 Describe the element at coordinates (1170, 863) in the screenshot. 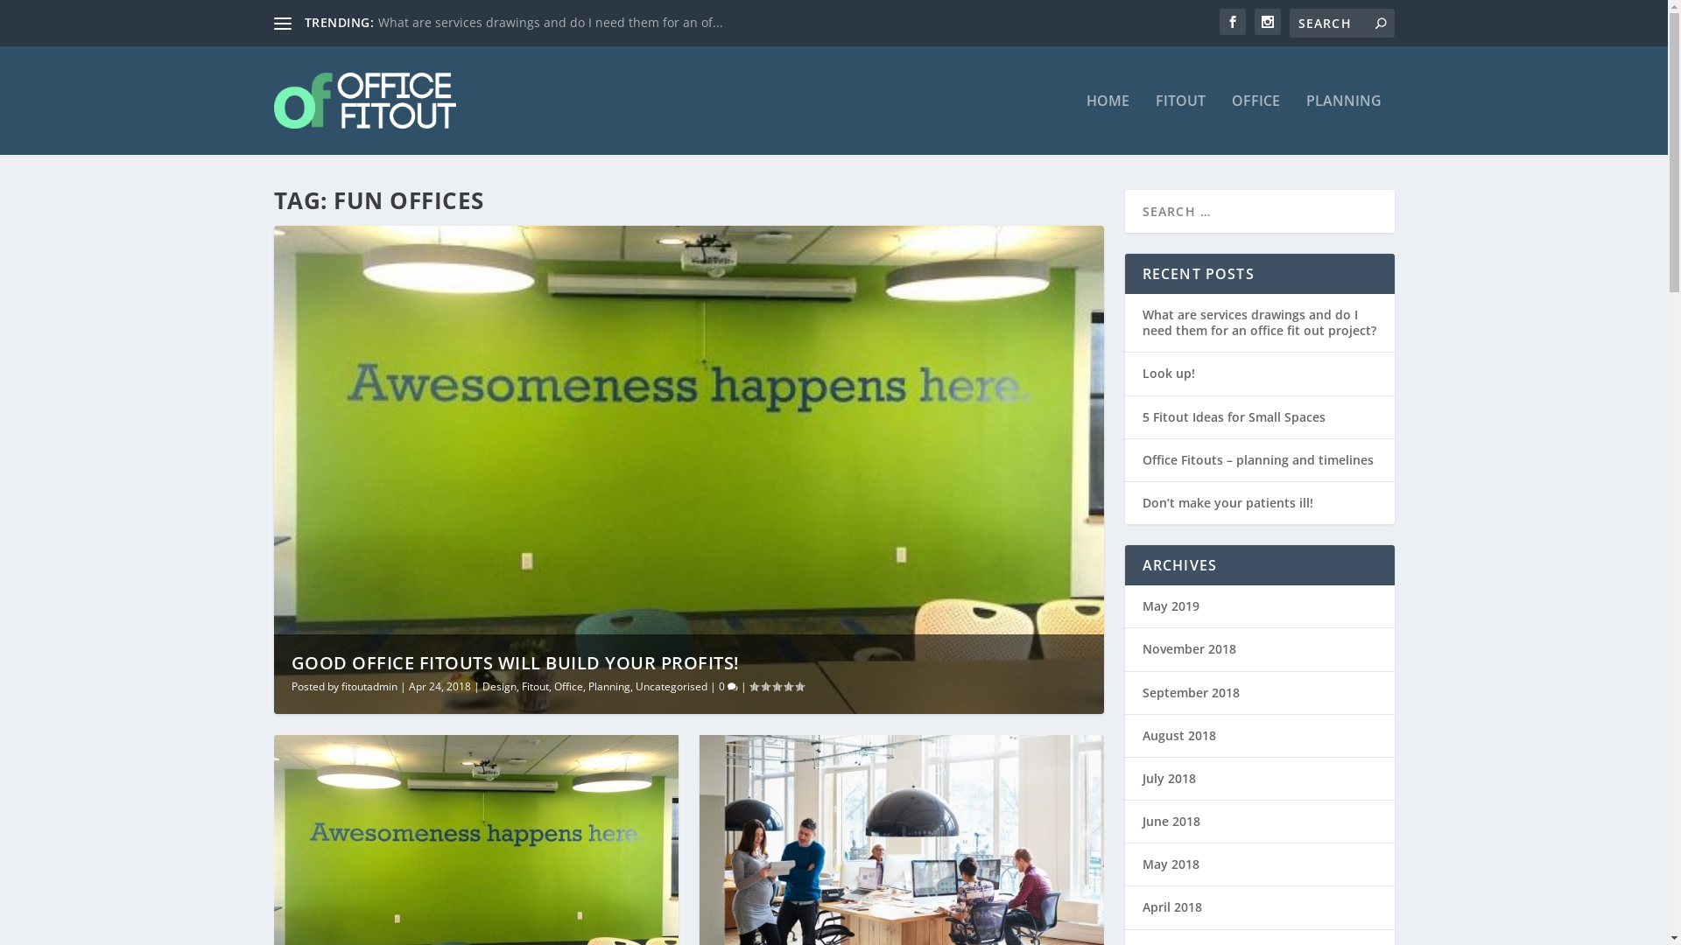

I see `'May 2018'` at that location.